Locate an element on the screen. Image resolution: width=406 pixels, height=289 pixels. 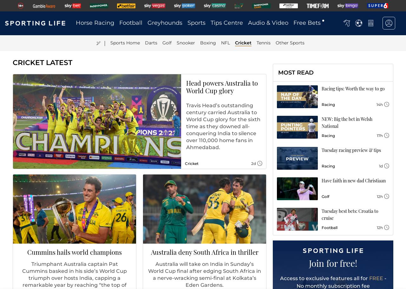
'|' is located at coordinates (104, 43).